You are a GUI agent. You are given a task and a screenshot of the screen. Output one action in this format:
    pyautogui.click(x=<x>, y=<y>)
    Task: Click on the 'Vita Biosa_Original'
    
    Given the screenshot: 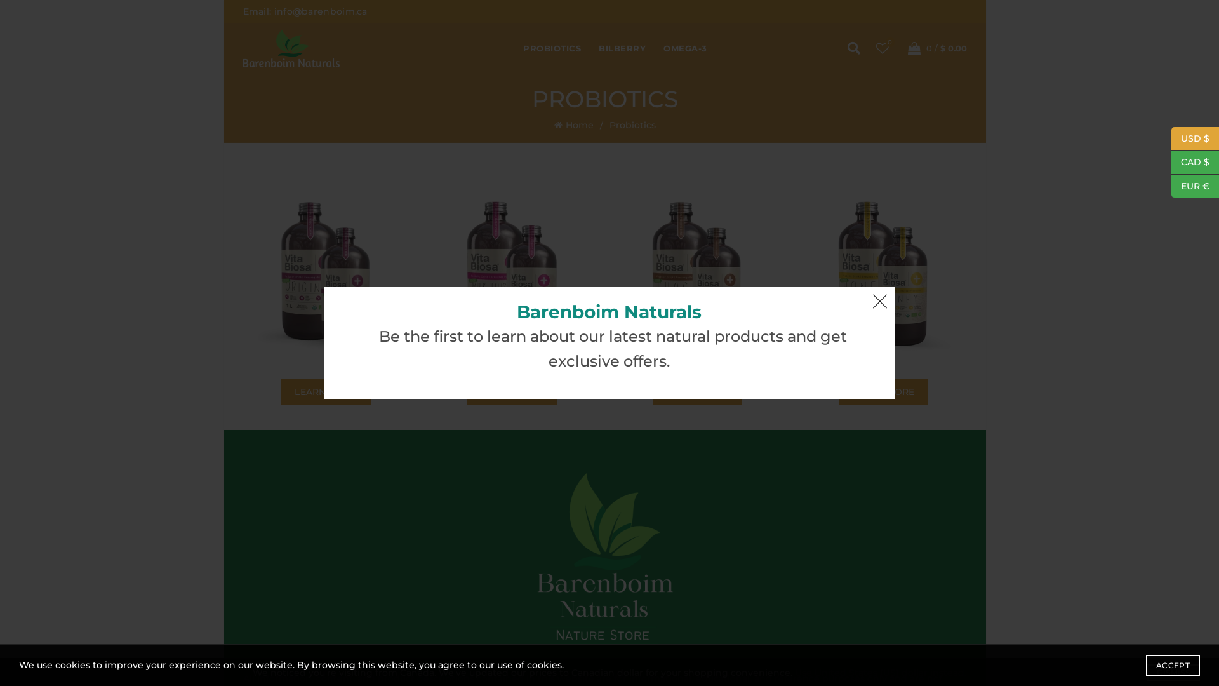 What is the action you would take?
    pyautogui.click(x=326, y=273)
    